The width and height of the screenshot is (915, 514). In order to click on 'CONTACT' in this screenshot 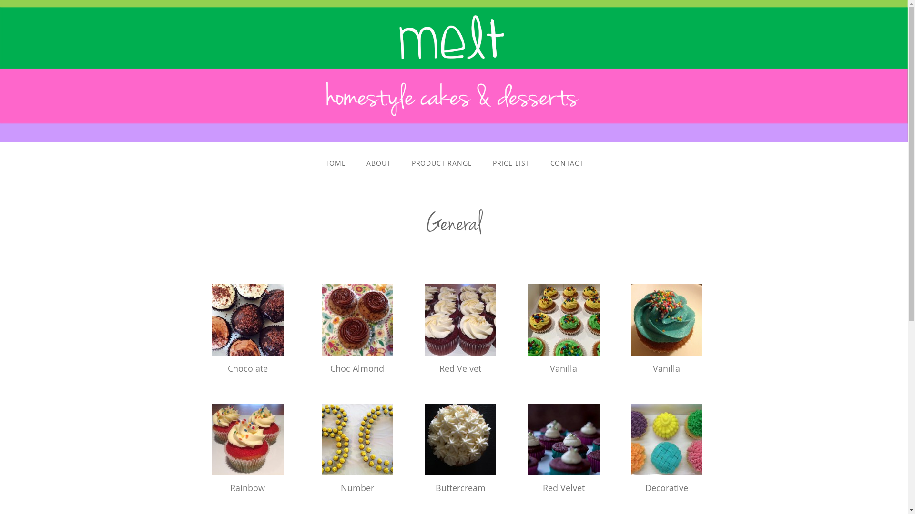, I will do `click(567, 162)`.